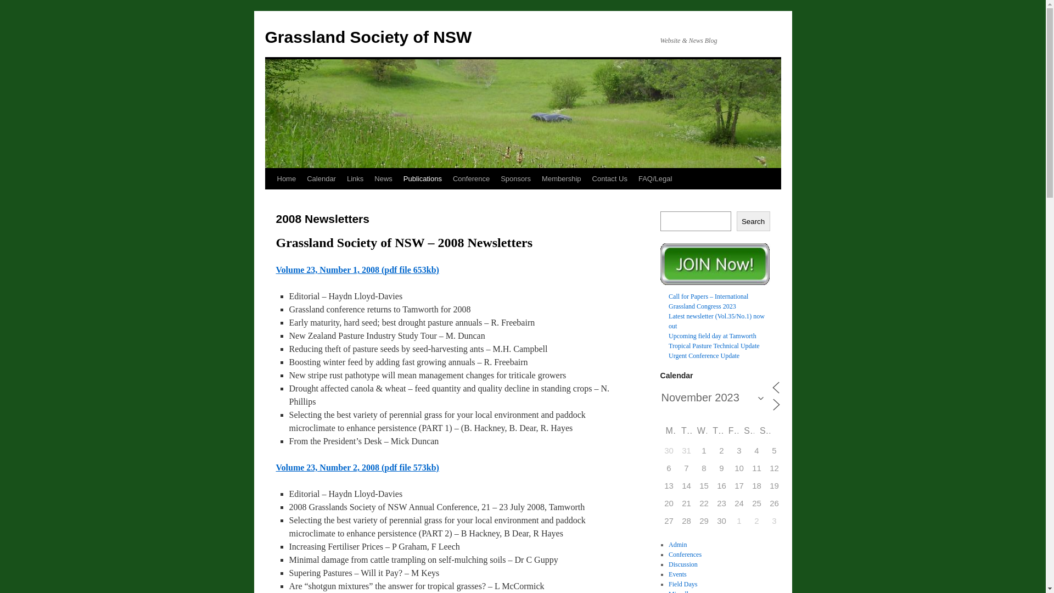  What do you see at coordinates (515, 178) in the screenshot?
I see `'Sponsors'` at bounding box center [515, 178].